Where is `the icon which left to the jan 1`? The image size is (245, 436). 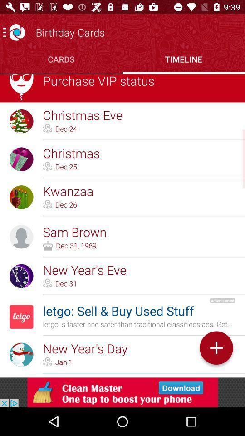
the icon which left to the jan 1 is located at coordinates (47, 362).